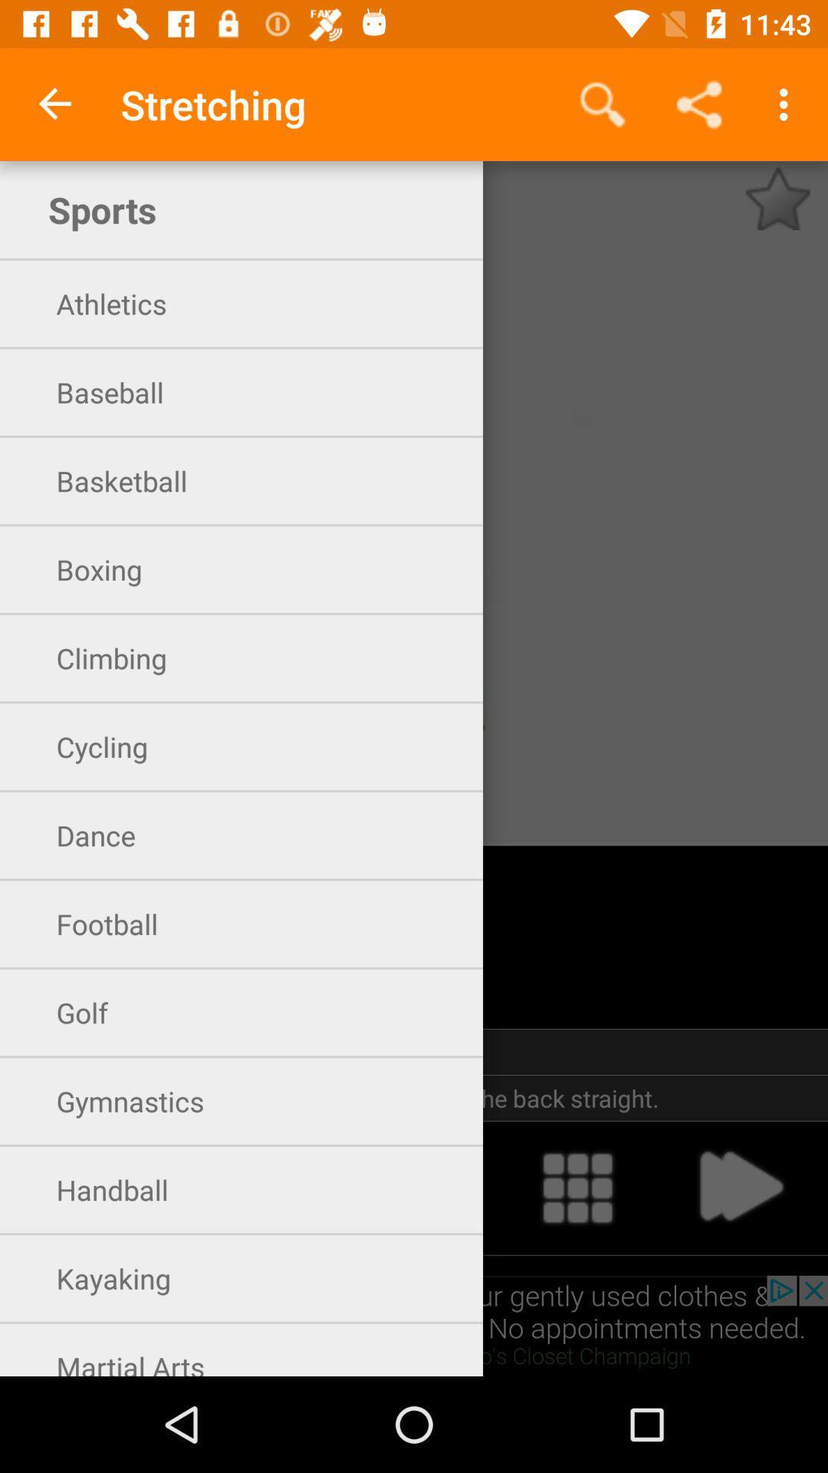 This screenshot has width=828, height=1473. What do you see at coordinates (739, 1187) in the screenshot?
I see `play option` at bounding box center [739, 1187].